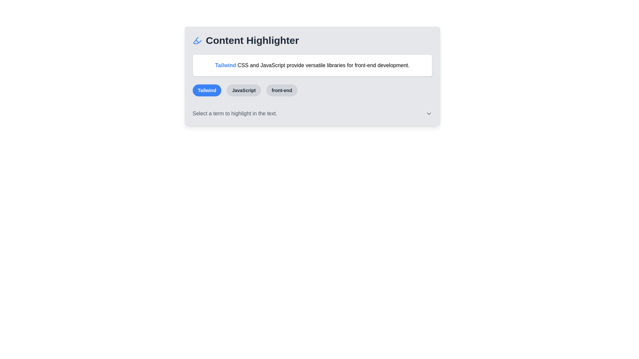 The height and width of the screenshot is (359, 639). What do you see at coordinates (197, 41) in the screenshot?
I see `the blue highlighter icon located on the left side of the 'Content Highlighter' header` at bounding box center [197, 41].